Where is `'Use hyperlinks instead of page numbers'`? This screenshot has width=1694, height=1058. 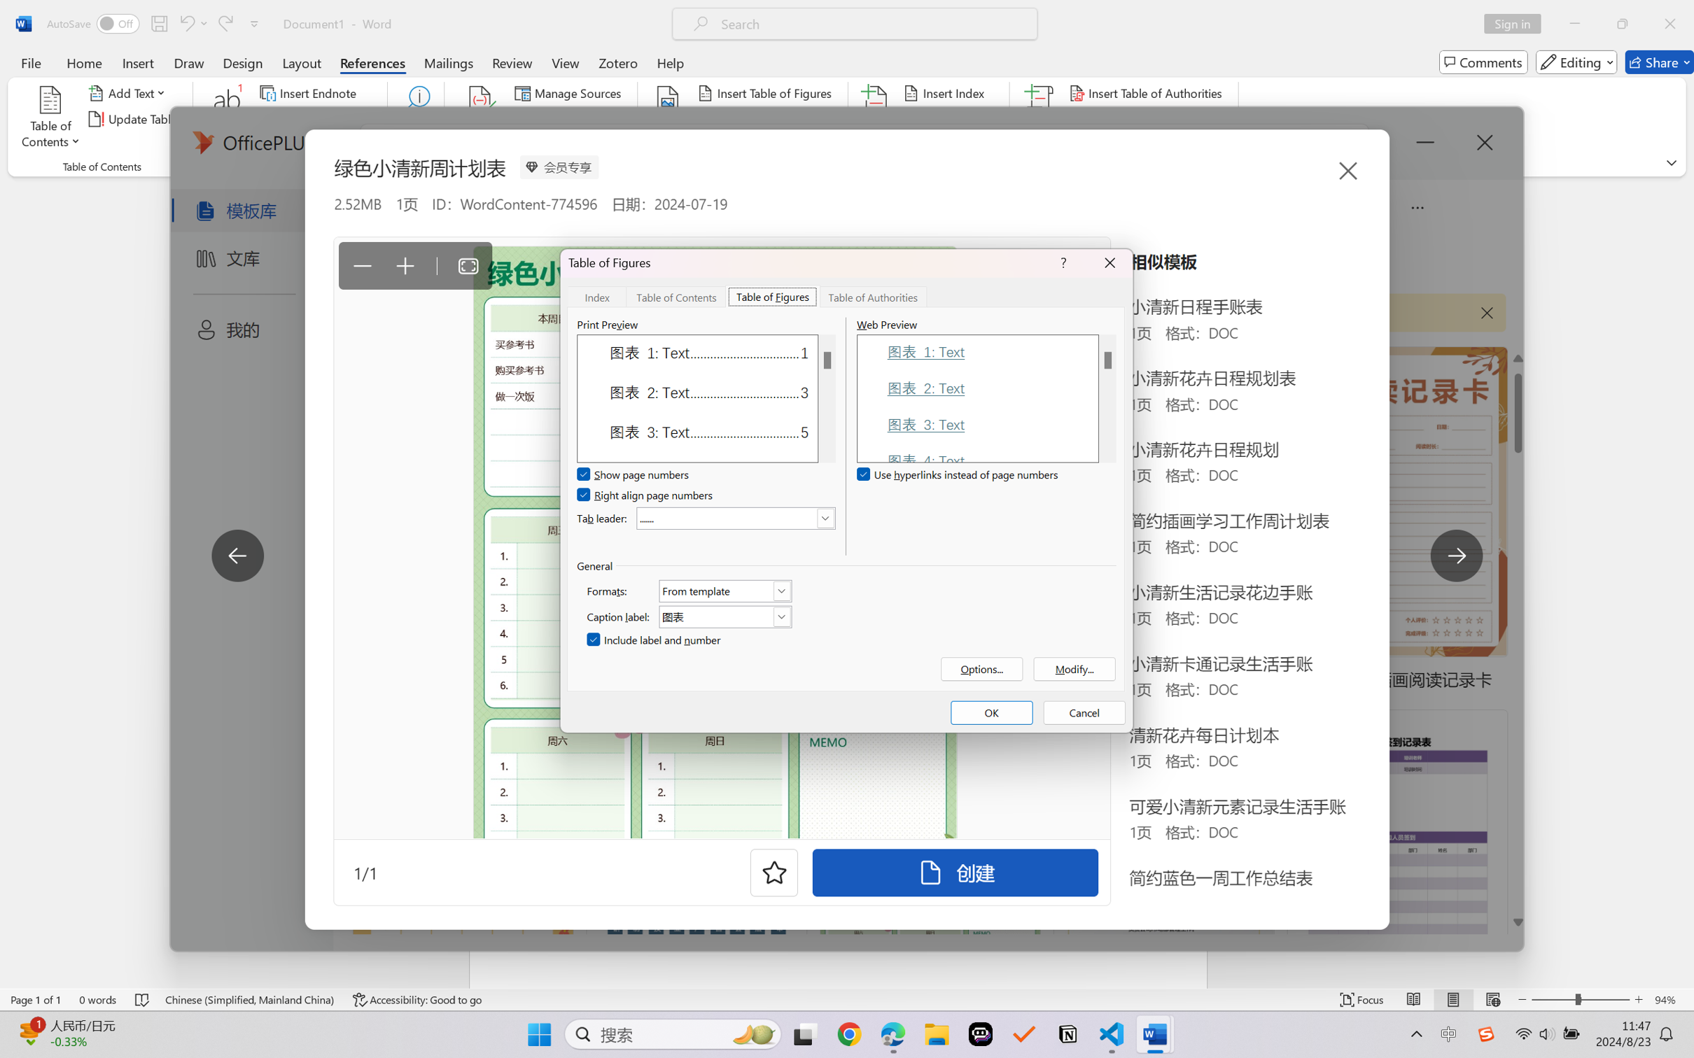
'Use hyperlinks instead of page numbers' is located at coordinates (958, 475).